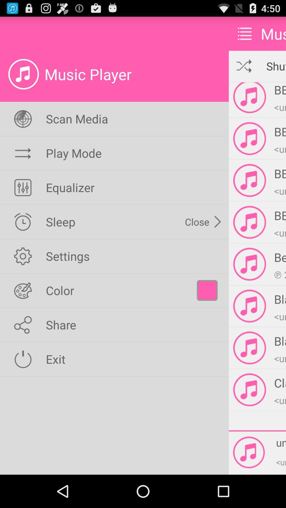 Image resolution: width=286 pixels, height=508 pixels. Describe the element at coordinates (245, 33) in the screenshot. I see `item next to music app` at that location.